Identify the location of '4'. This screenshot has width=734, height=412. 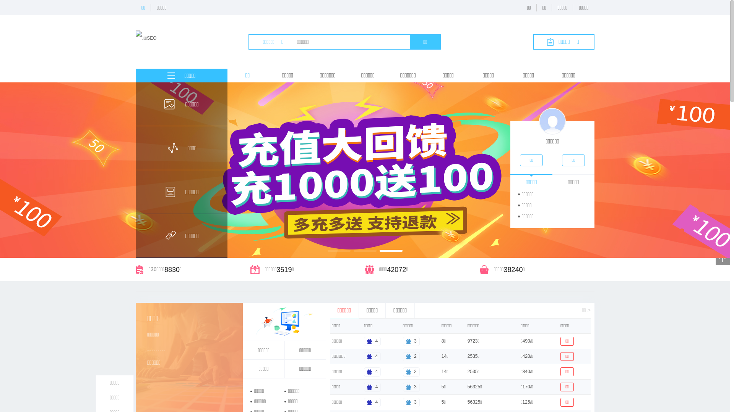
(372, 356).